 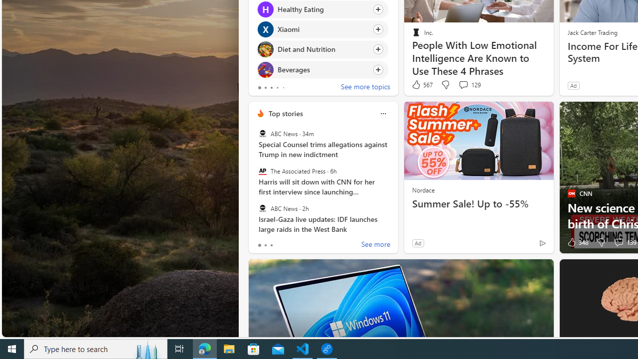 What do you see at coordinates (469, 84) in the screenshot?
I see `'View comments 129 Comment'` at bounding box center [469, 84].